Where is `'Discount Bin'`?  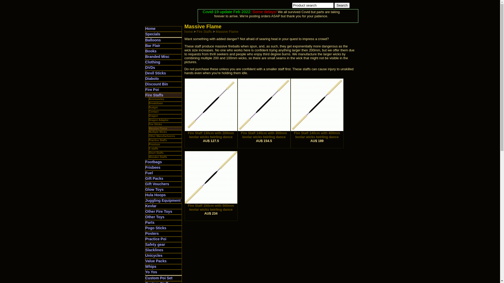 'Discount Bin' is located at coordinates (156, 84).